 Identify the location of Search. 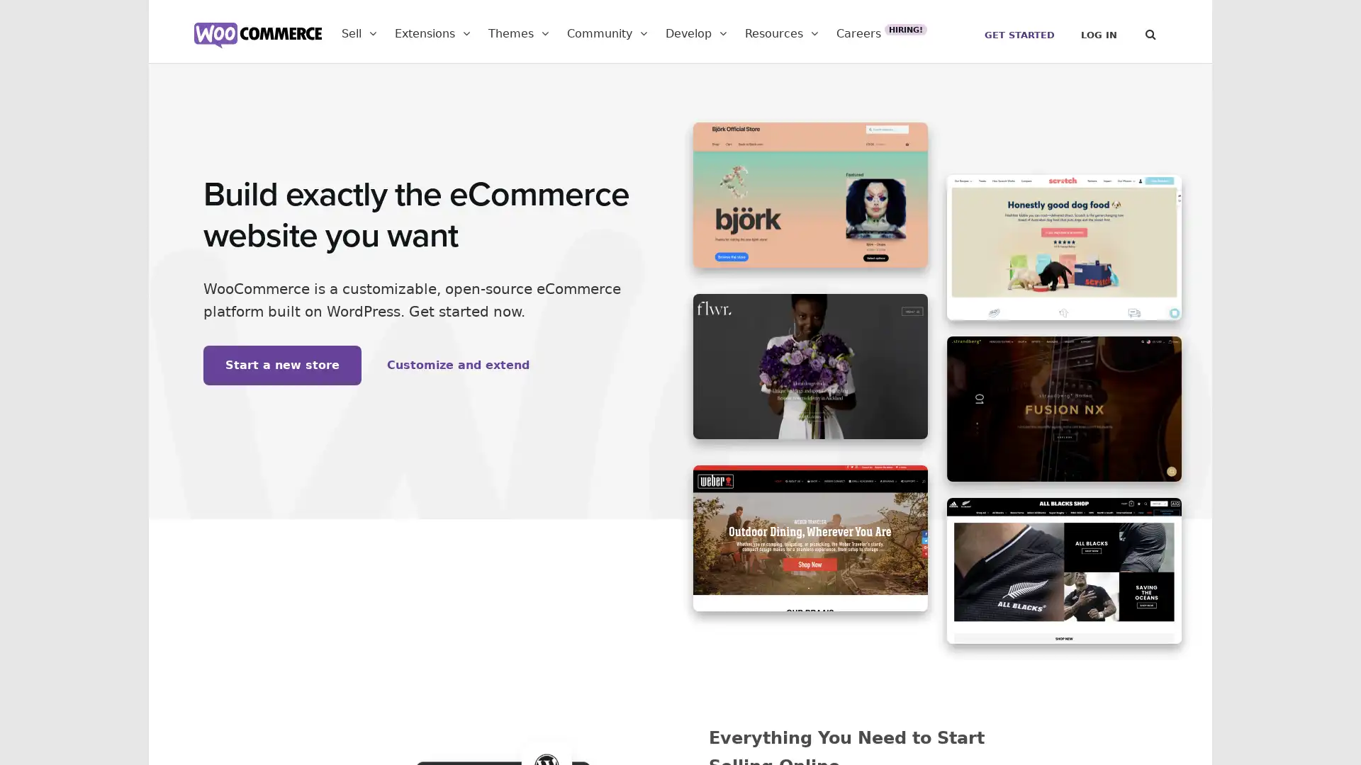
(1150, 34).